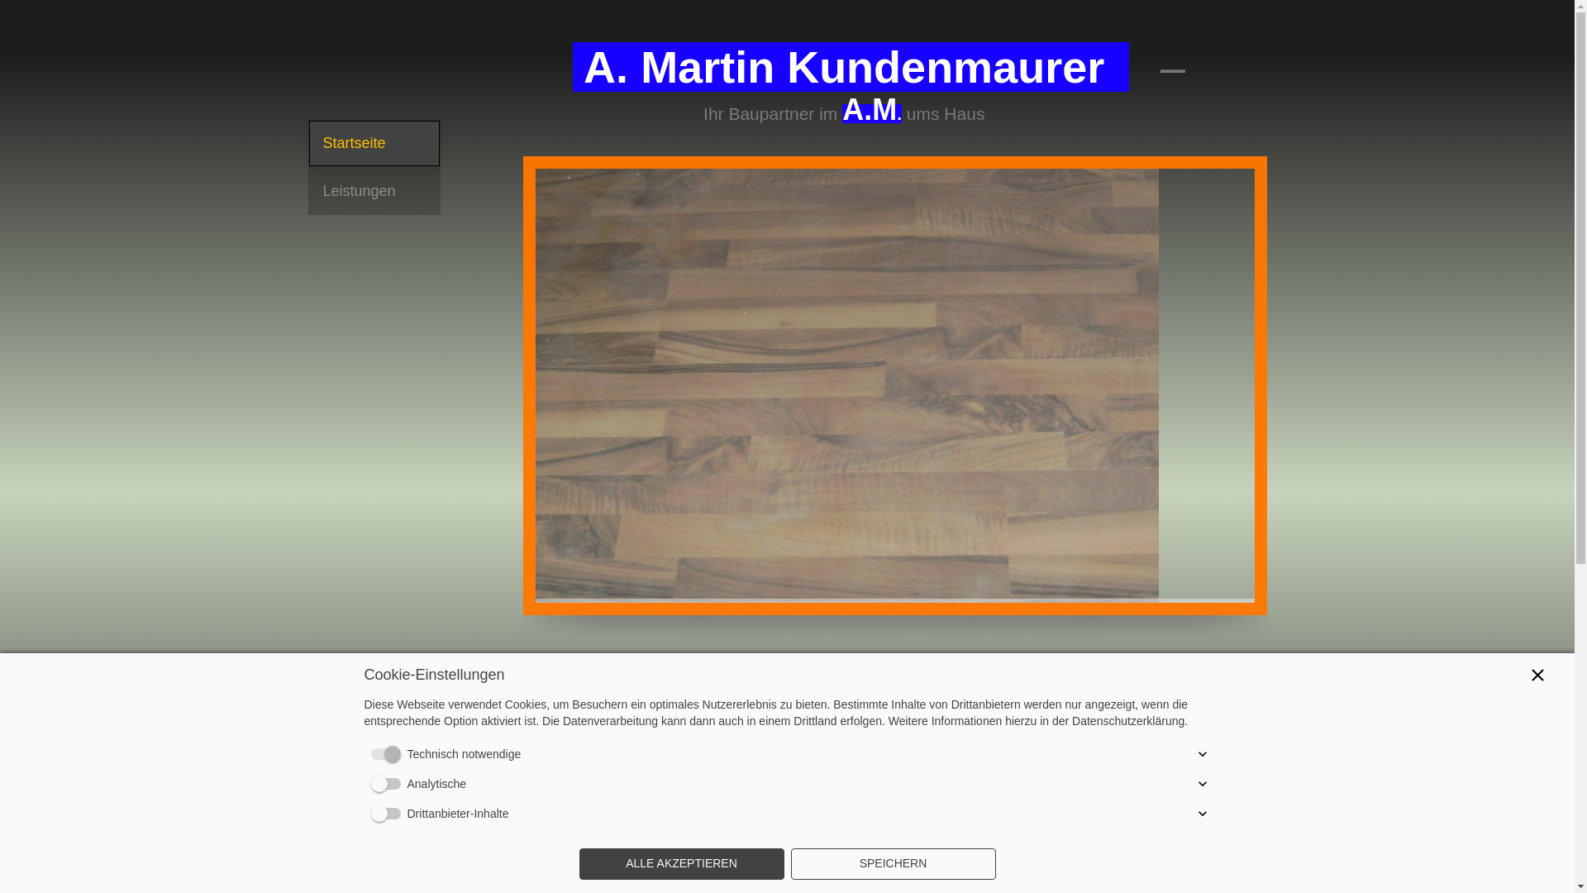 The width and height of the screenshot is (1587, 893). Describe the element at coordinates (372, 190) in the screenshot. I see `'Leistungen'` at that location.